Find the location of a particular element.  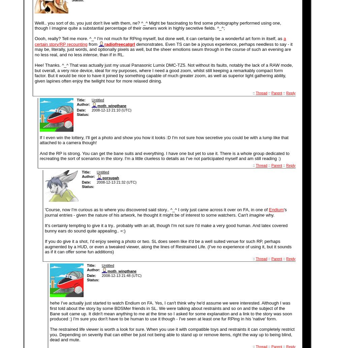

'radiofreecatgrl' is located at coordinates (119, 44).